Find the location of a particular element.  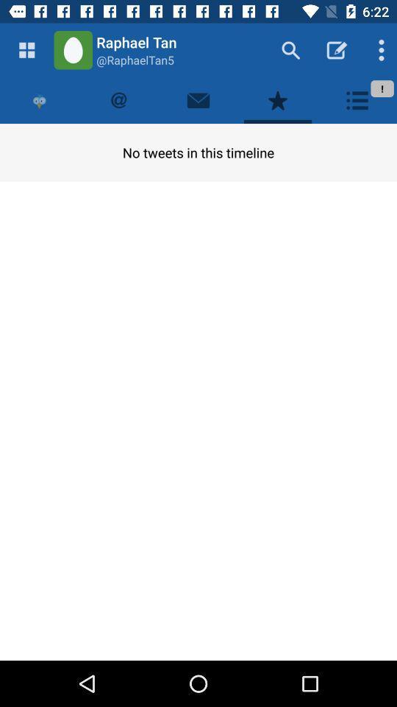

galary is located at coordinates (26, 50).